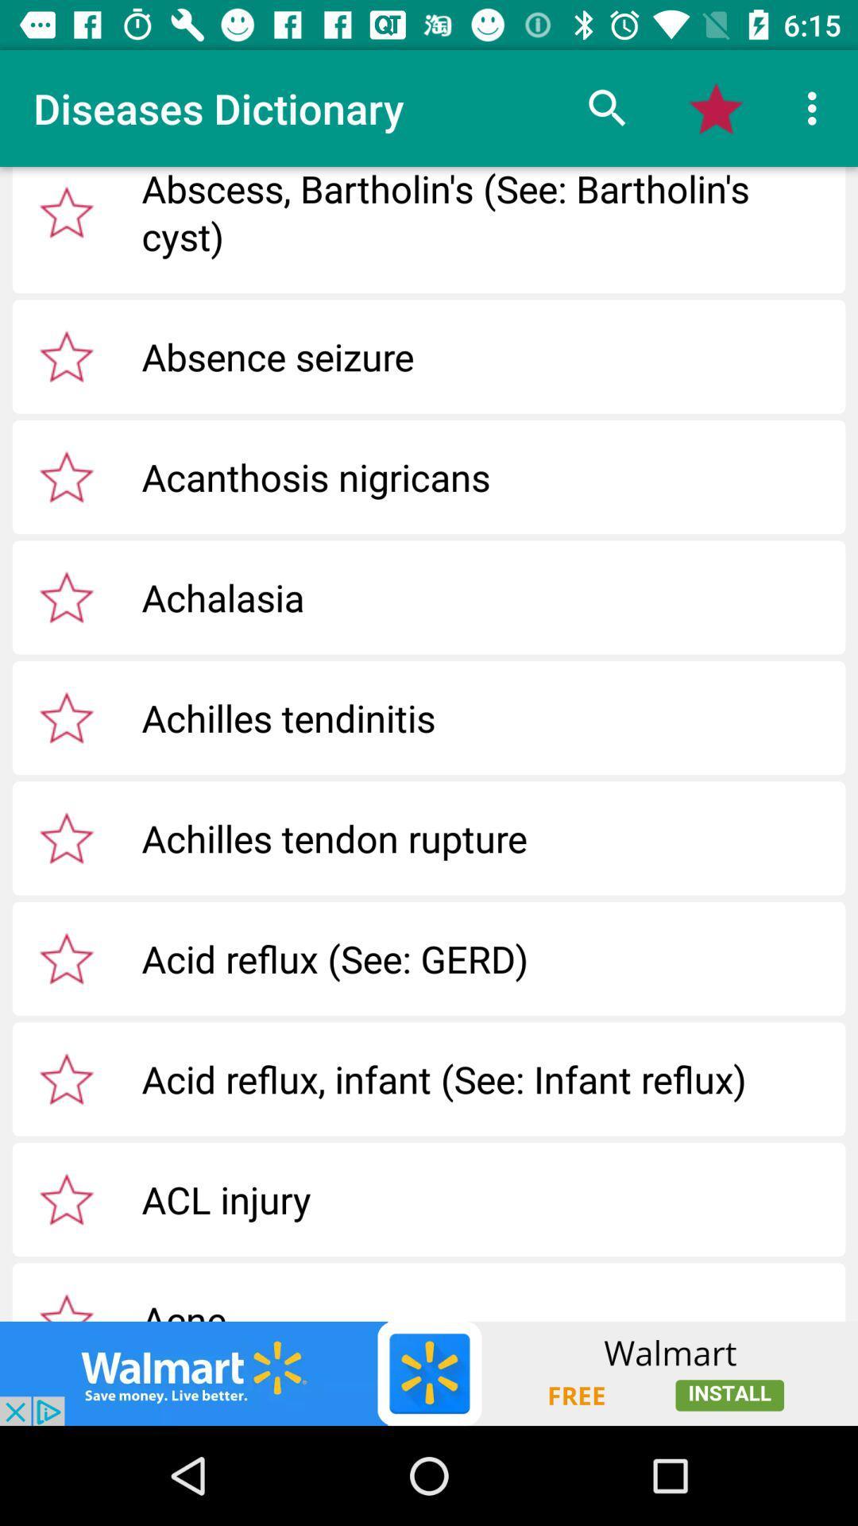 This screenshot has width=858, height=1526. What do you see at coordinates (66, 1079) in the screenshot?
I see `click star option` at bounding box center [66, 1079].